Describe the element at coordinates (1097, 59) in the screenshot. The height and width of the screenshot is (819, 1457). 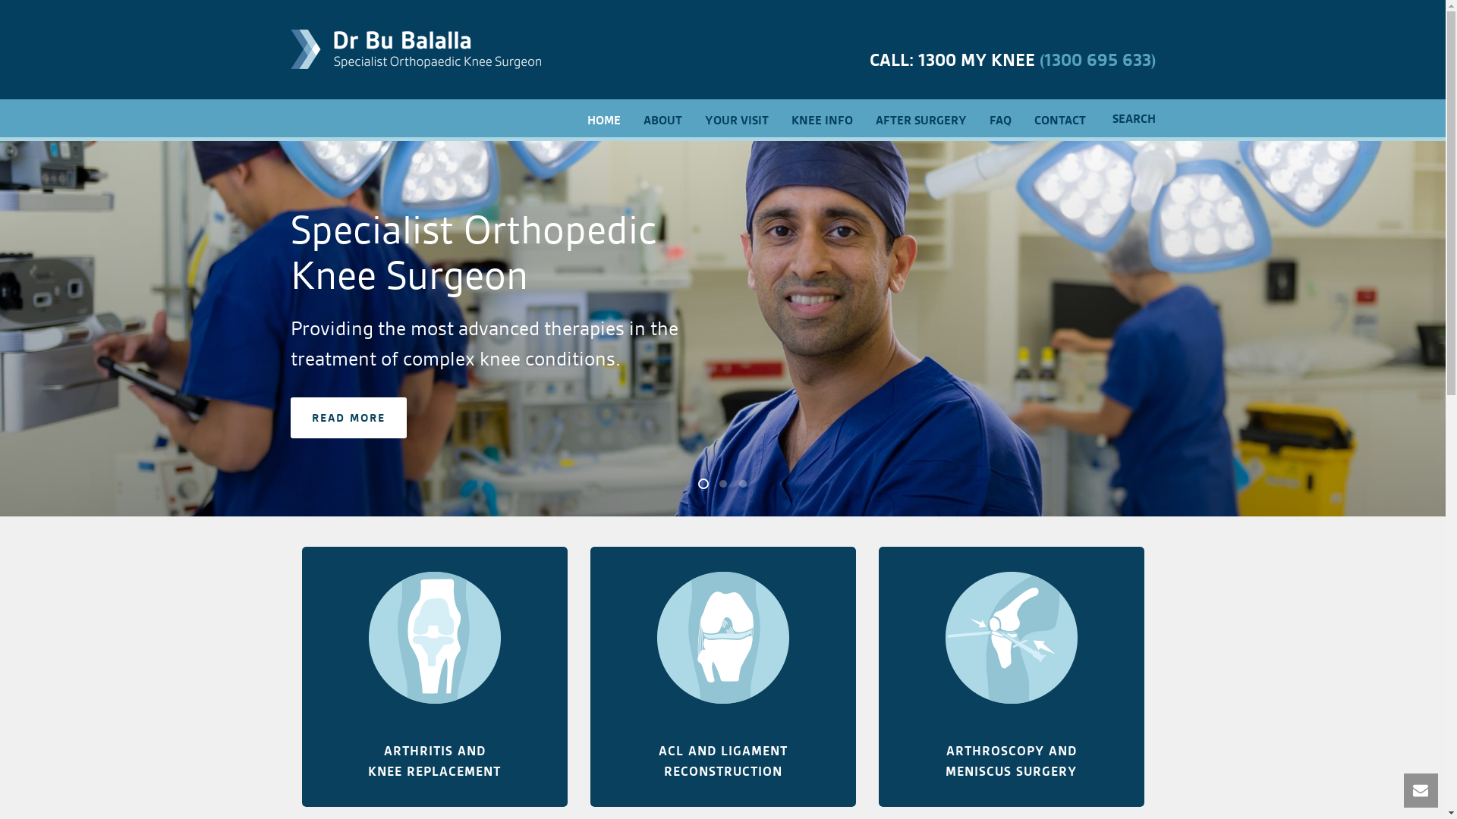
I see `'(1300 695 633)'` at that location.